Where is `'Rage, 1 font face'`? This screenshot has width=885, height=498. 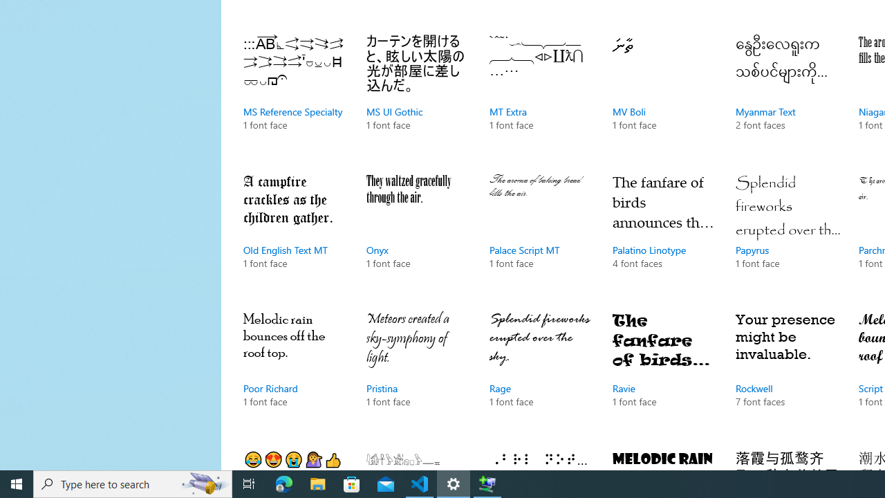 'Rage, 1 font face' is located at coordinates (541, 373).